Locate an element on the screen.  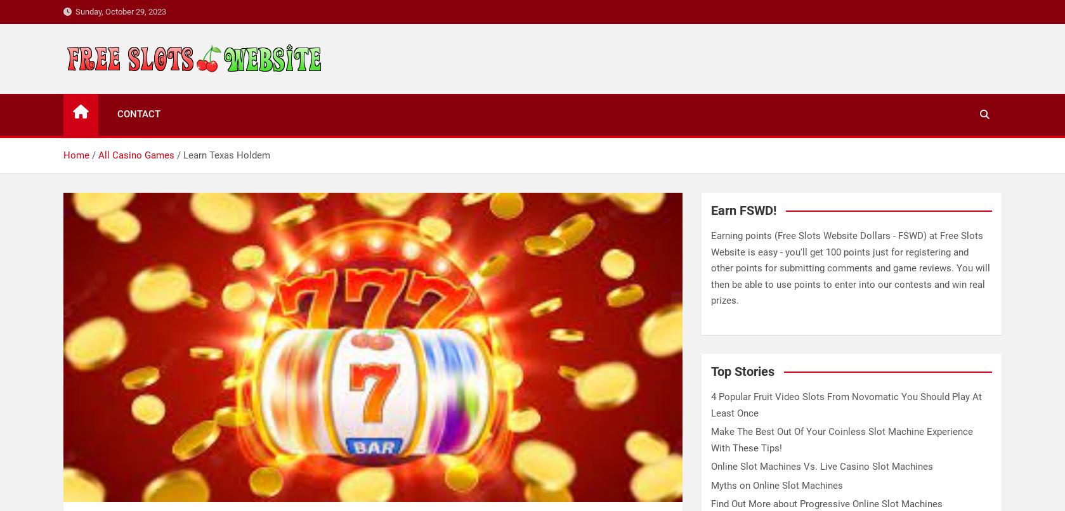
'Online Slot Machines Vs. Live Casino Slot Machines' is located at coordinates (710, 467).